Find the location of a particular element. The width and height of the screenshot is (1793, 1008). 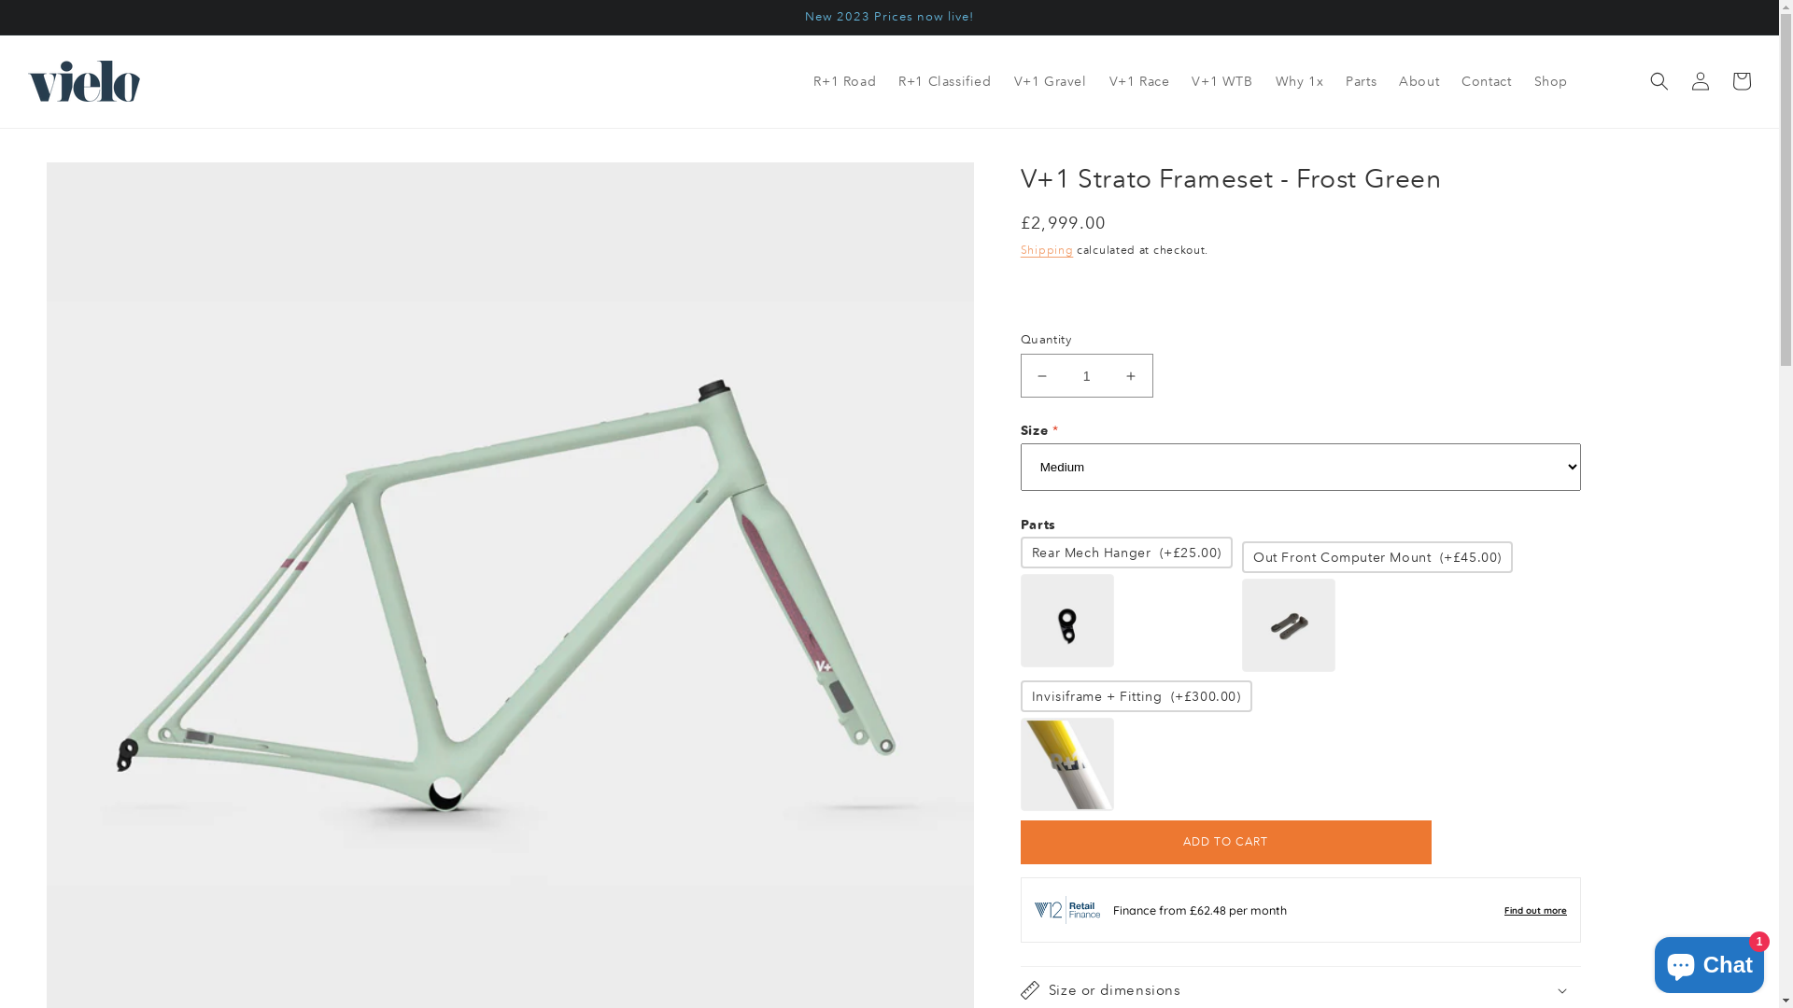

'SKIP TO PRODUCT INFORMATION' is located at coordinates (102, 183).